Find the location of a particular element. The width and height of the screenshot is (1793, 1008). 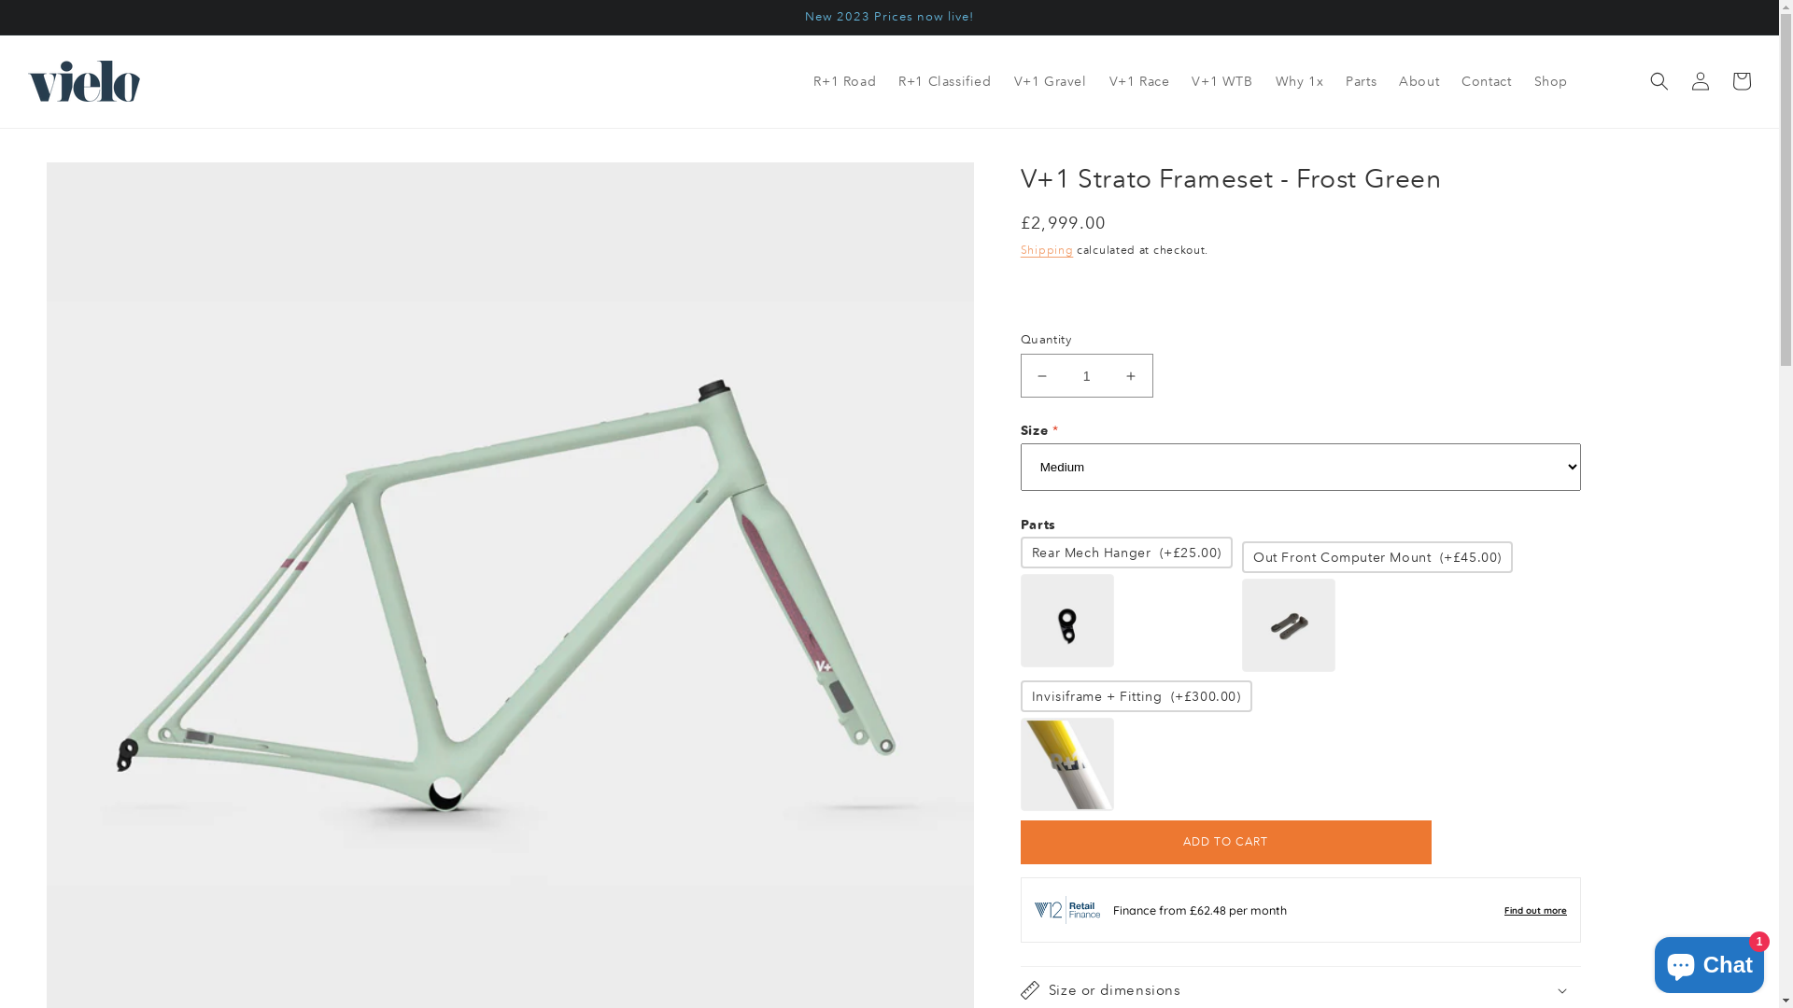

'SKIP TO PRODUCT INFORMATION' is located at coordinates (102, 183).